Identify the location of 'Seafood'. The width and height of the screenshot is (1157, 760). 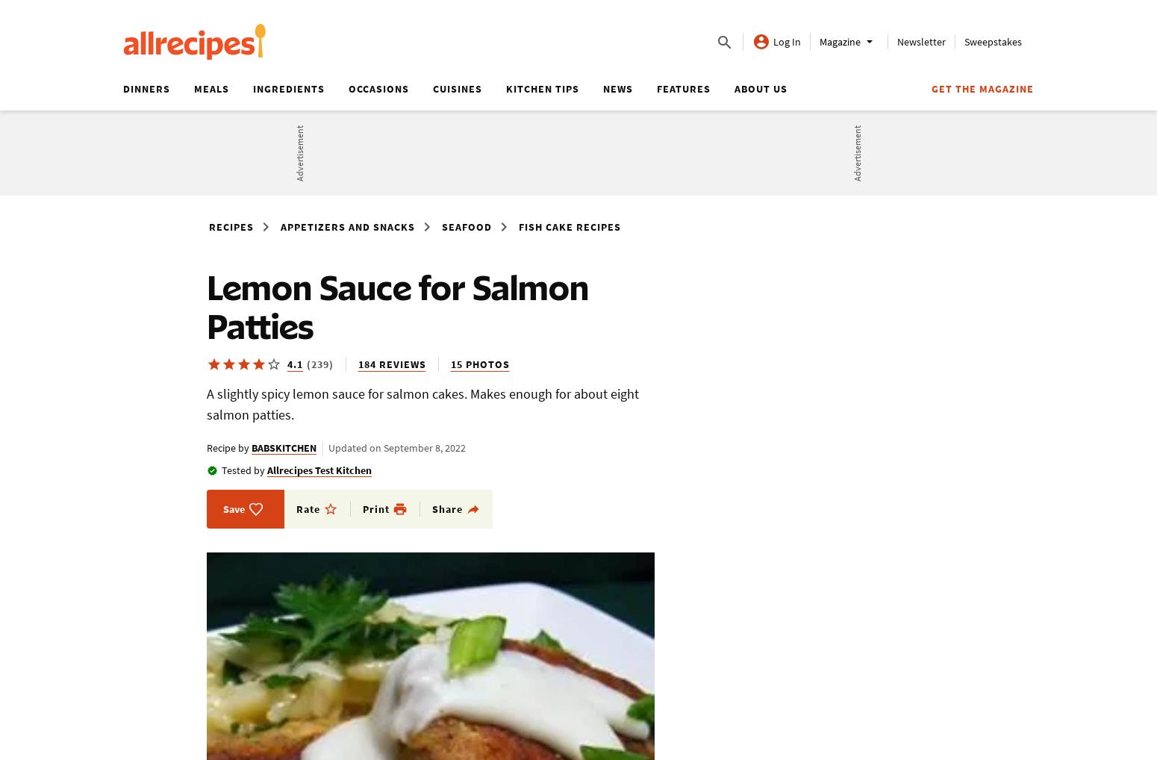
(466, 226).